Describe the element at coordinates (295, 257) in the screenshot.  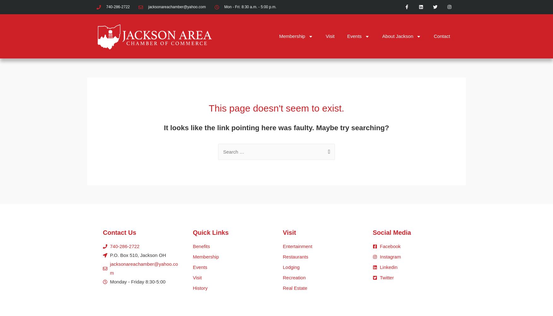
I see `'Restaurants'` at that location.